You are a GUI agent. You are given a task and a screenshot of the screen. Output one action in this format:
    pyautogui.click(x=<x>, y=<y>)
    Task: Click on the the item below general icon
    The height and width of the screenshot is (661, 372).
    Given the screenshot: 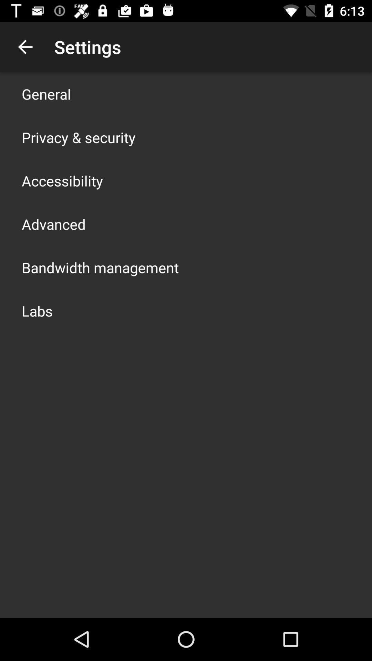 What is the action you would take?
    pyautogui.click(x=78, y=137)
    